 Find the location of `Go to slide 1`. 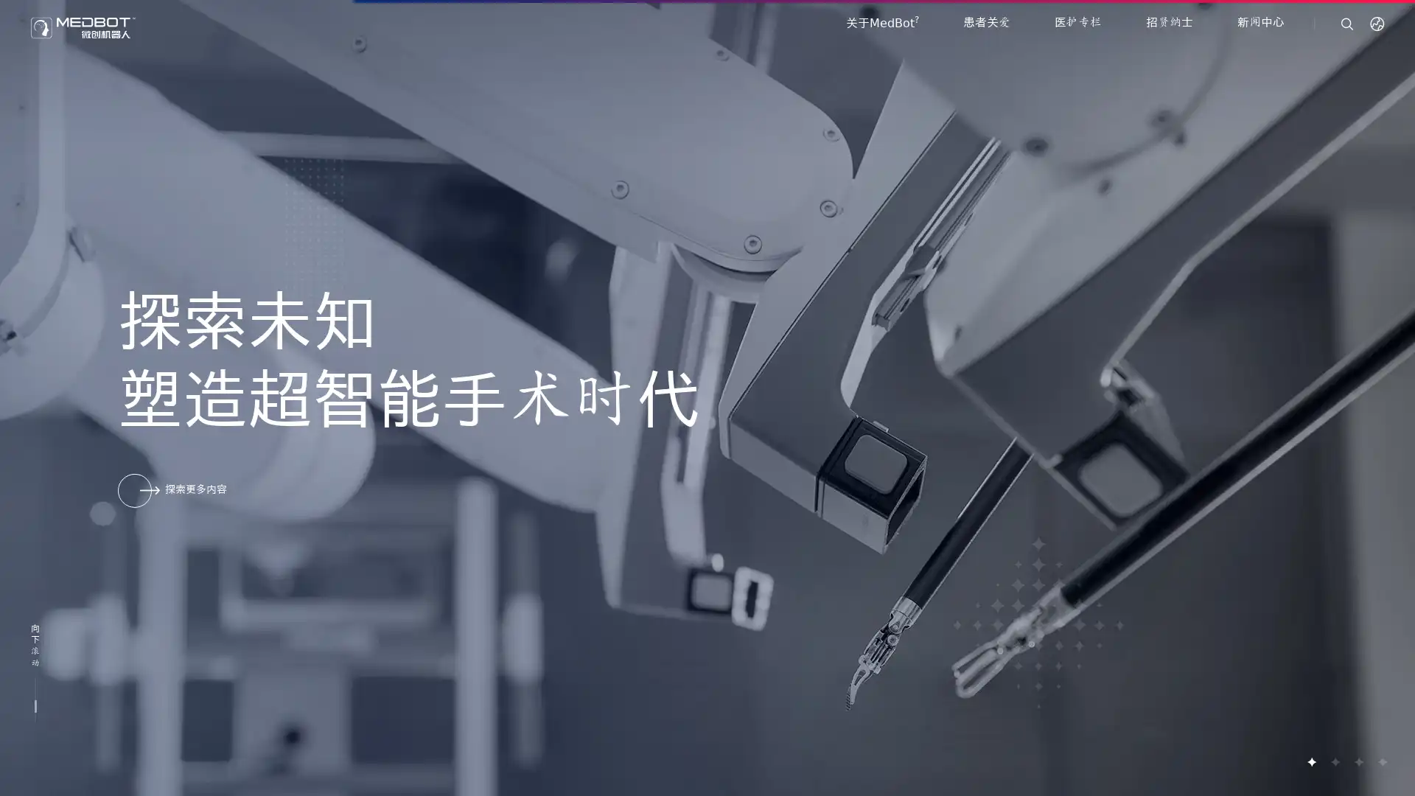

Go to slide 1 is located at coordinates (1311, 761).